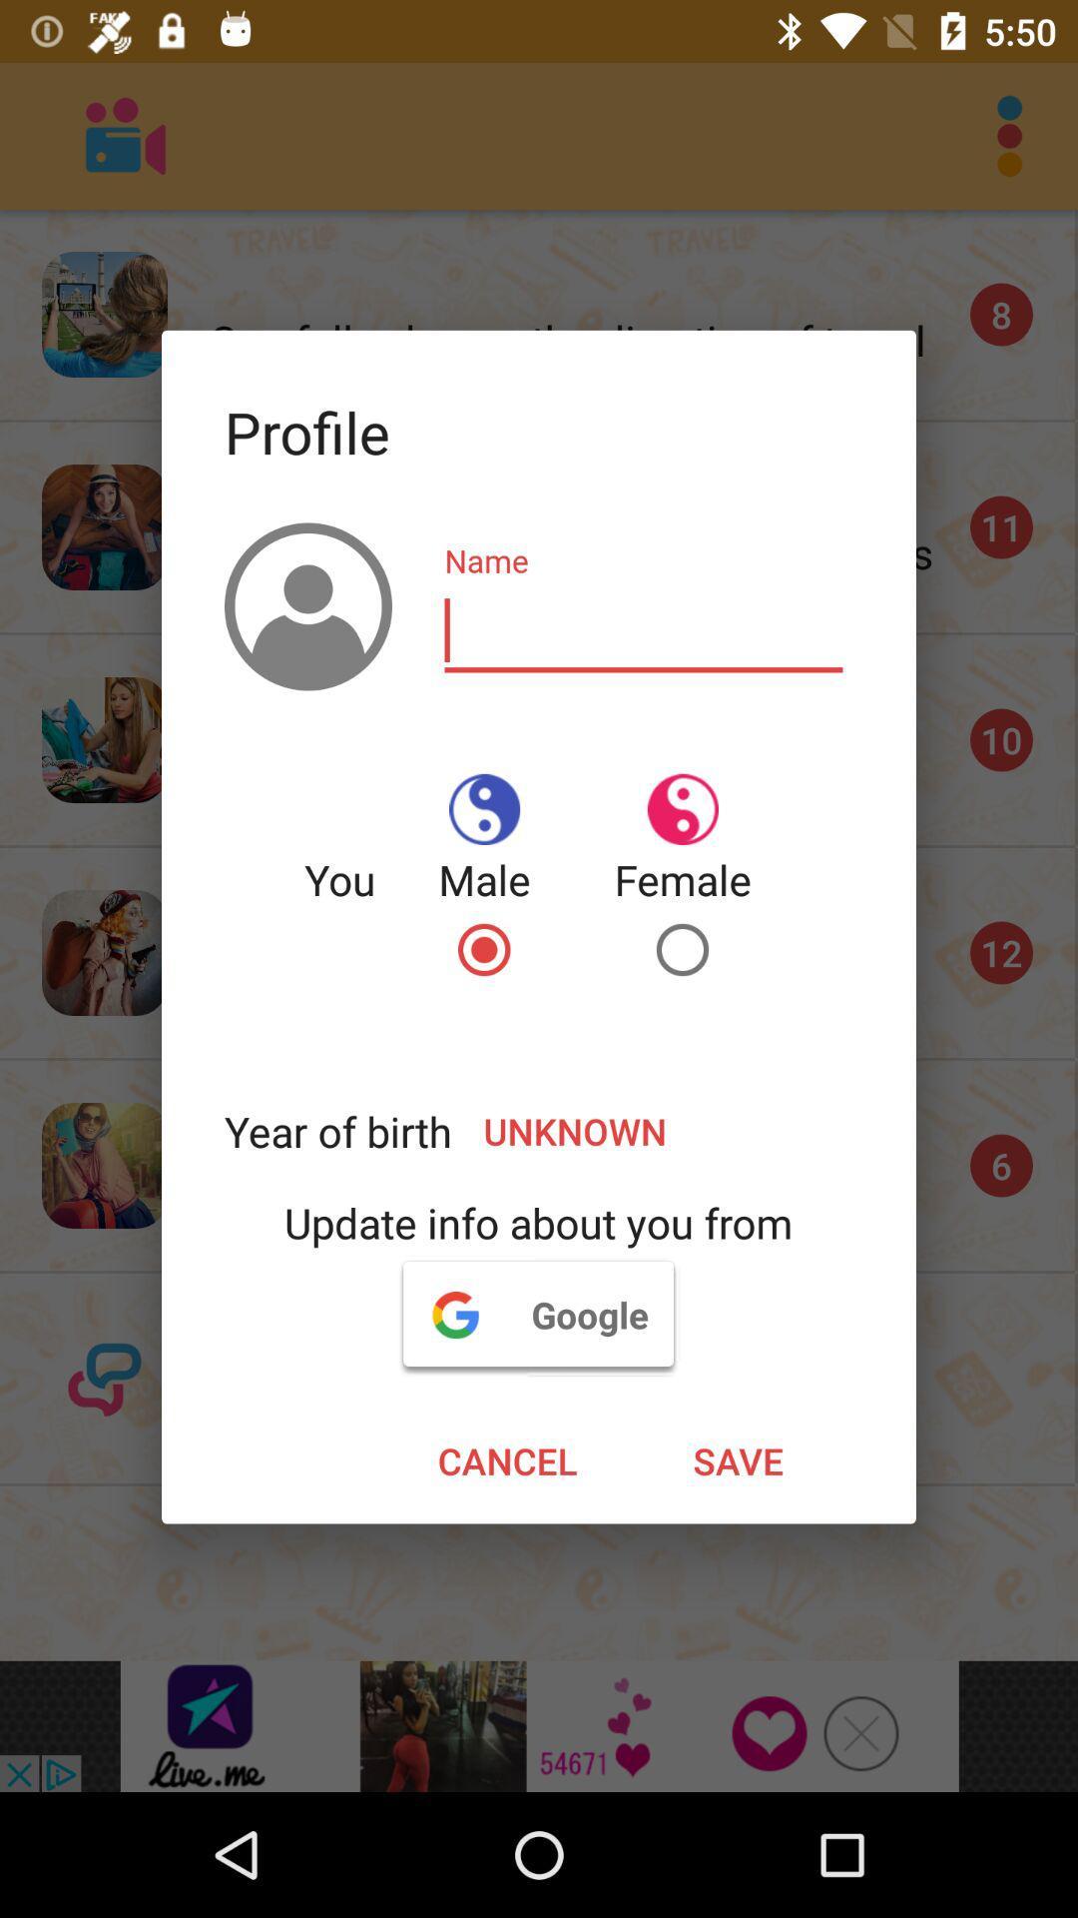 The height and width of the screenshot is (1918, 1078). What do you see at coordinates (506, 1460) in the screenshot?
I see `the item below google` at bounding box center [506, 1460].